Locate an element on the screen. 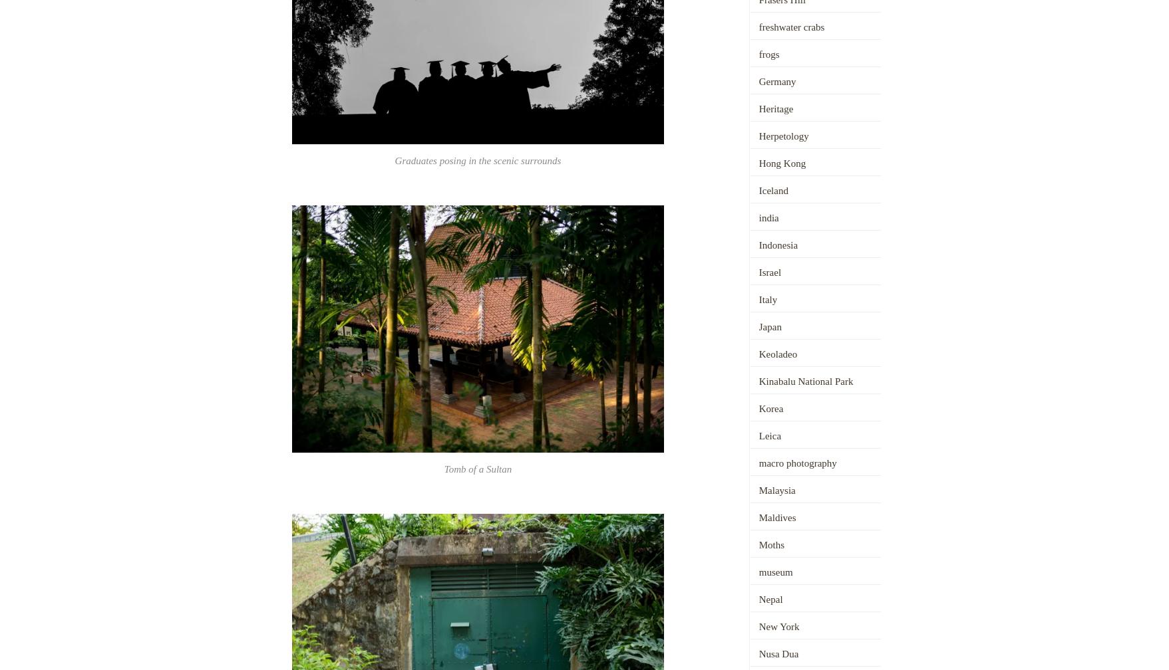 The width and height of the screenshot is (1169, 670). 'Iceland' is located at coordinates (772, 190).